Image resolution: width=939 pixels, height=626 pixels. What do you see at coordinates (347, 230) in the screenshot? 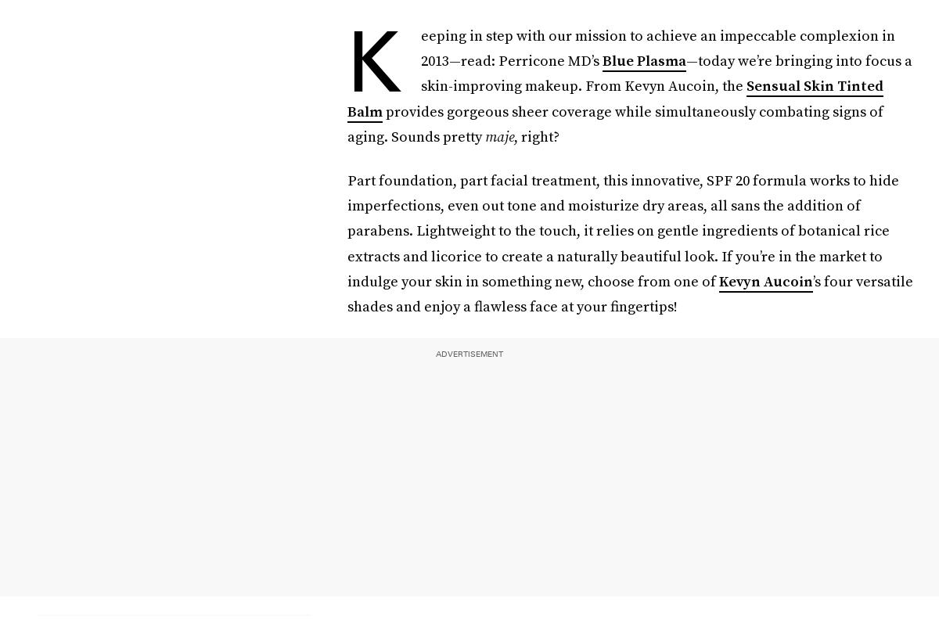
I see `'Part foundation, part facial treatment, this innovative, SPF 20 formula works to hide imperfections, even out tone and moisturize dry areas, all sans the addition of parabens. Lightweight to the touch, it relies on gentle ingredients of botanical rice extracts and licorice to create a naturally beautiful look. If you’re in the market to indulge your skin in something new, choose from one of'` at bounding box center [347, 230].